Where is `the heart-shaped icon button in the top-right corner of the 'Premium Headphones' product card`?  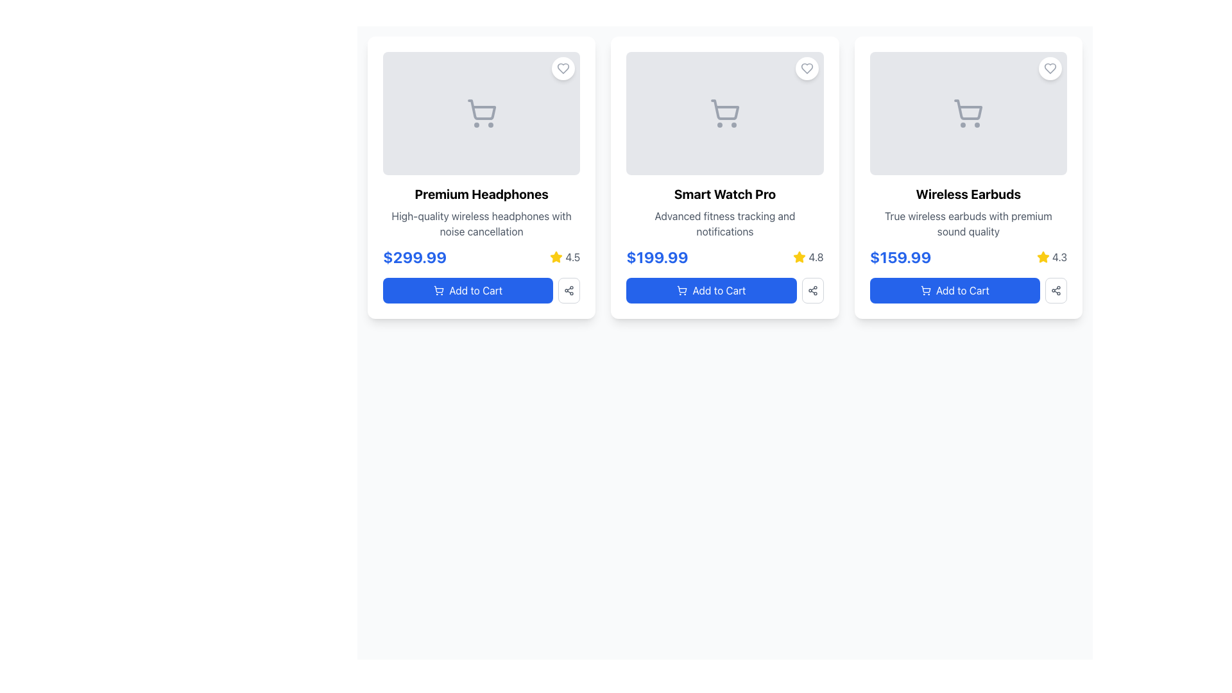
the heart-shaped icon button in the top-right corner of the 'Premium Headphones' product card is located at coordinates (563, 69).